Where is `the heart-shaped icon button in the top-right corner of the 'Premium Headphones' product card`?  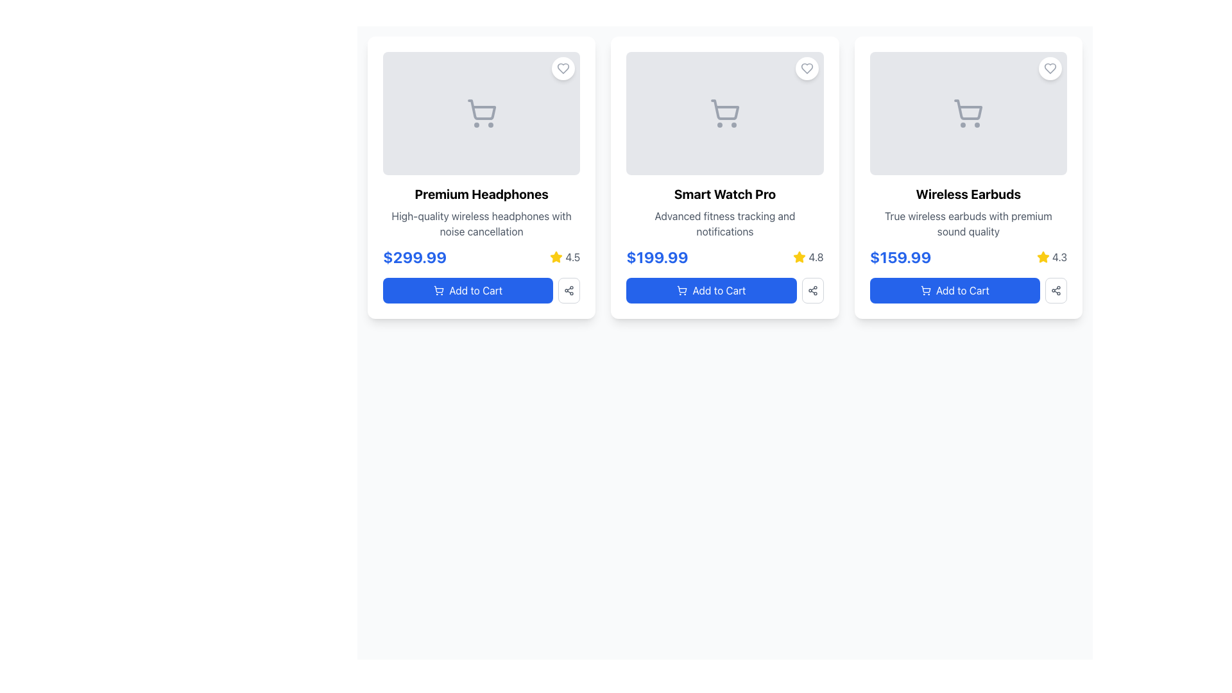
the heart-shaped icon button in the top-right corner of the 'Premium Headphones' product card is located at coordinates (563, 69).